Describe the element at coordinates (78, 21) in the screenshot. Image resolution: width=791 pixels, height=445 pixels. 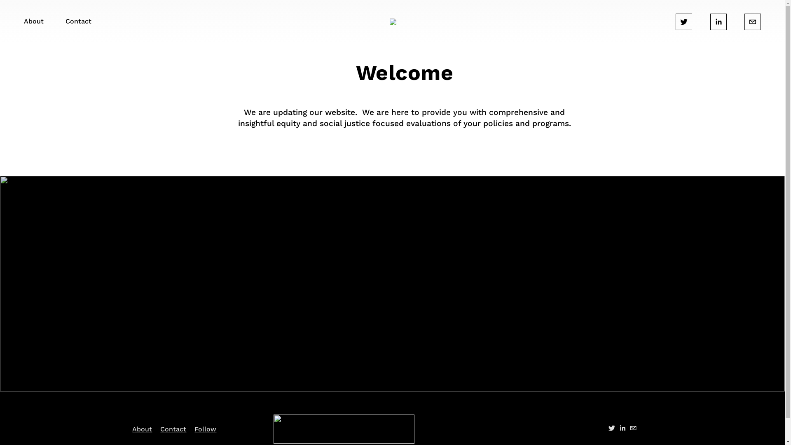
I see `'Contact'` at that location.